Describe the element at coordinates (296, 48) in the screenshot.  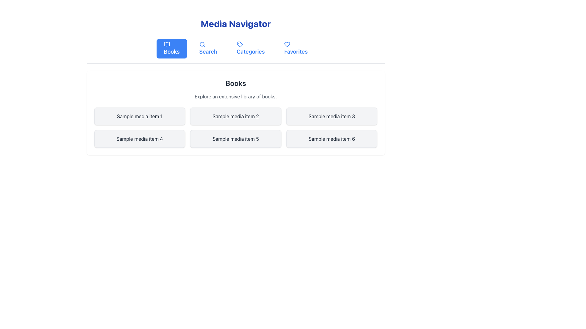
I see `the 'Favorites' button, which is the fourth item in the navigation bar and features a blue label with a heart icon` at that location.